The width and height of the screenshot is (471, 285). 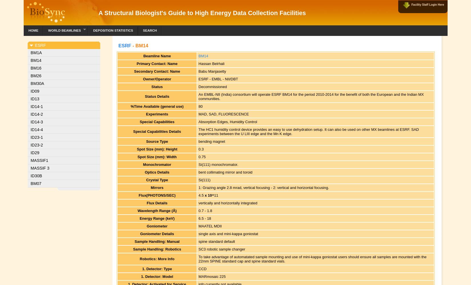 I want to click on 'SC3 robotic sample changer', so click(x=221, y=249).